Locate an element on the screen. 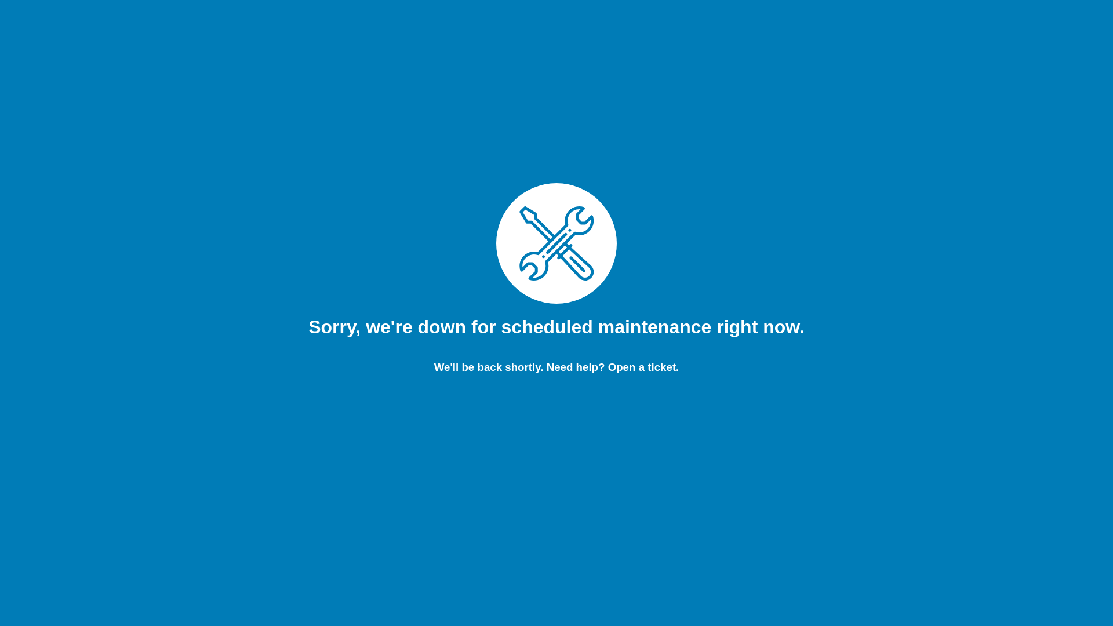  'ticket' is located at coordinates (661, 367).